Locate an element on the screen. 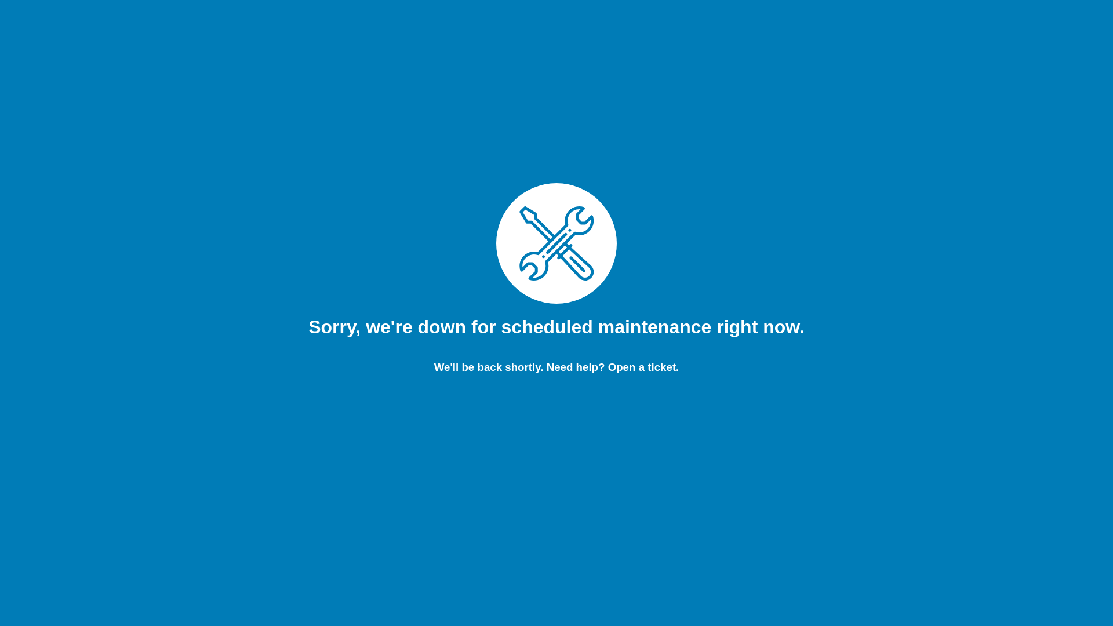  'ticket' is located at coordinates (661, 367).